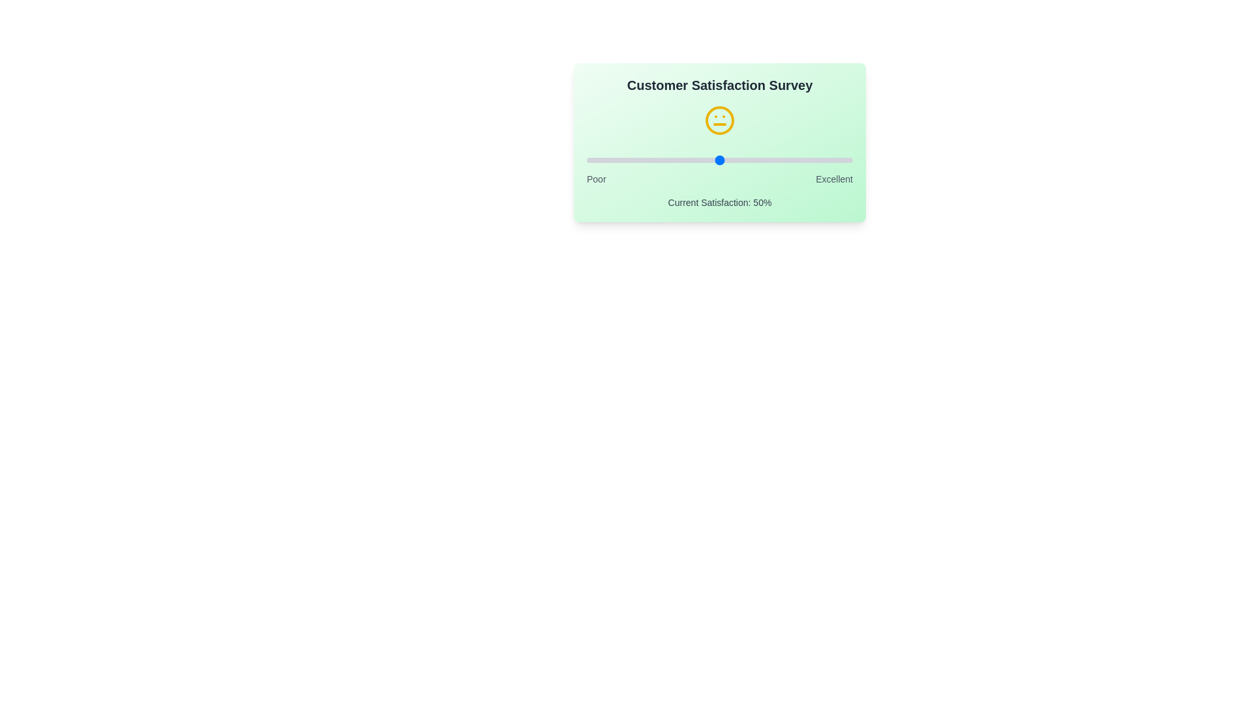 The width and height of the screenshot is (1252, 704). What do you see at coordinates (719, 160) in the screenshot?
I see `the satisfaction slider to 50%` at bounding box center [719, 160].